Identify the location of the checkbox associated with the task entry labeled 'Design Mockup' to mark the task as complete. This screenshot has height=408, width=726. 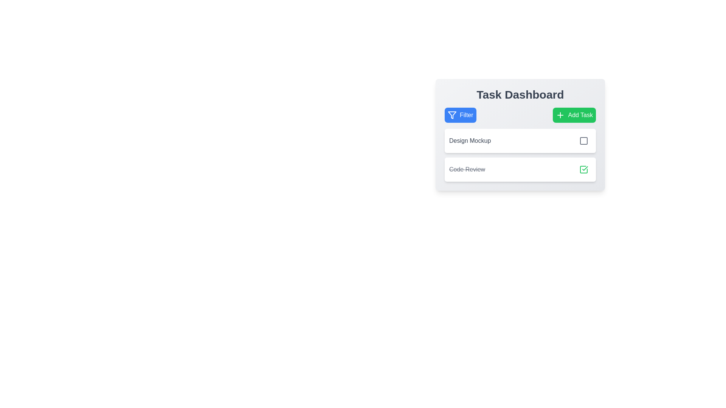
(520, 134).